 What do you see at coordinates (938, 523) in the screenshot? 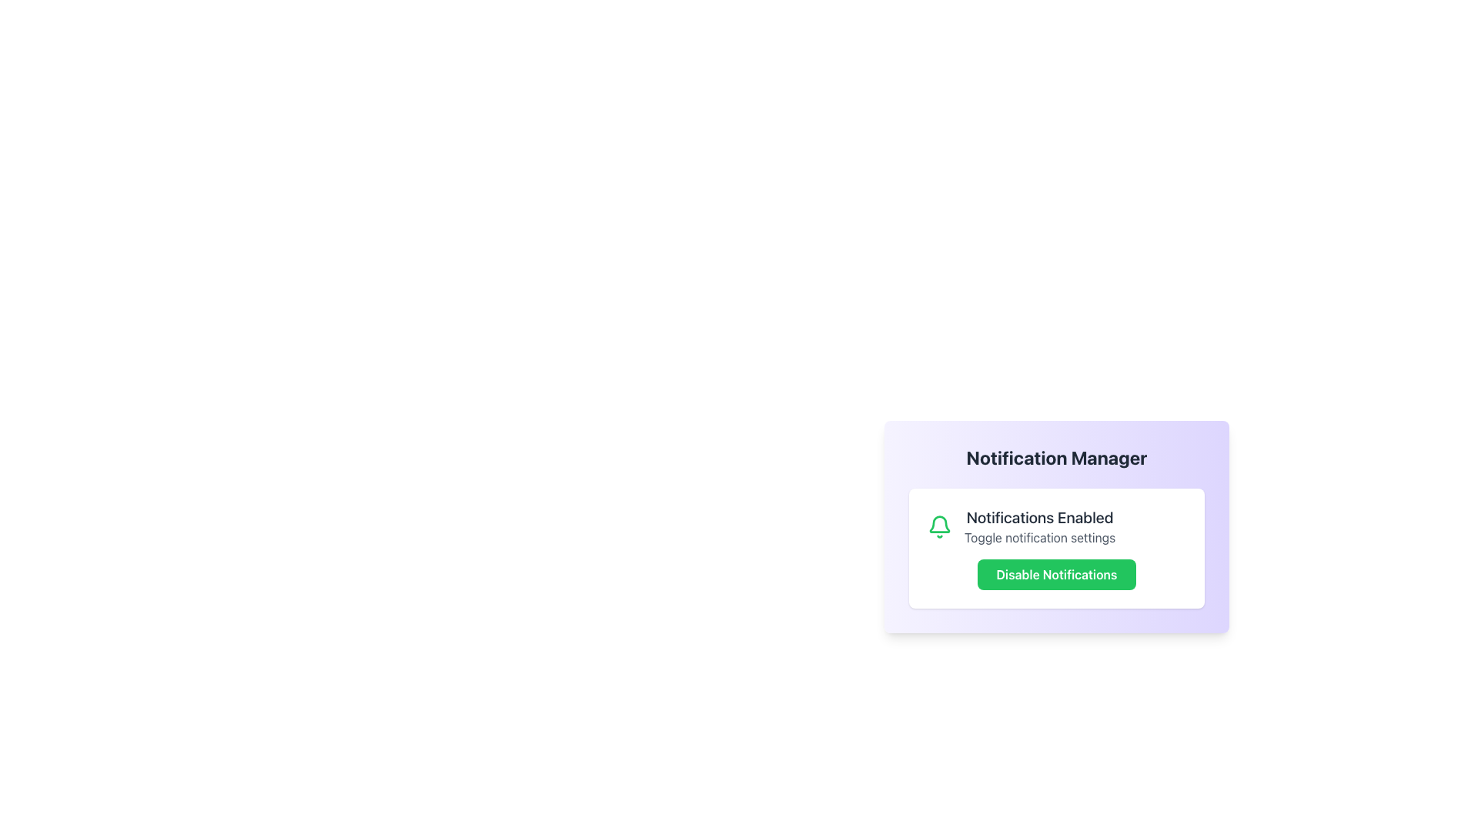
I see `the top portion of the bell icon, which is styled with a green stroke and is located to the left of the 'Notifications Enabled' text in the notification settings card` at bounding box center [938, 523].